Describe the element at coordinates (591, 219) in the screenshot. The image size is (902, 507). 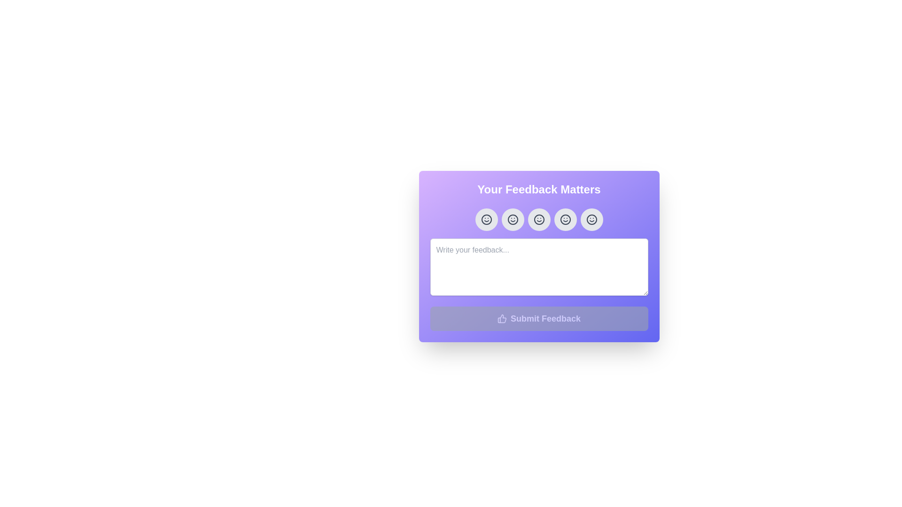
I see `the last button in the horizontal row of five buttons at the top of the feedback form` at that location.